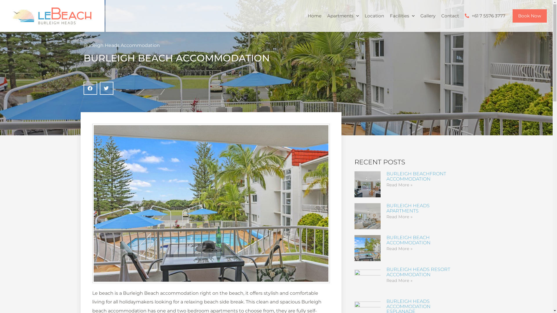  Describe the element at coordinates (83, 45) in the screenshot. I see `'Burleigh Heads Accommodation'` at that location.